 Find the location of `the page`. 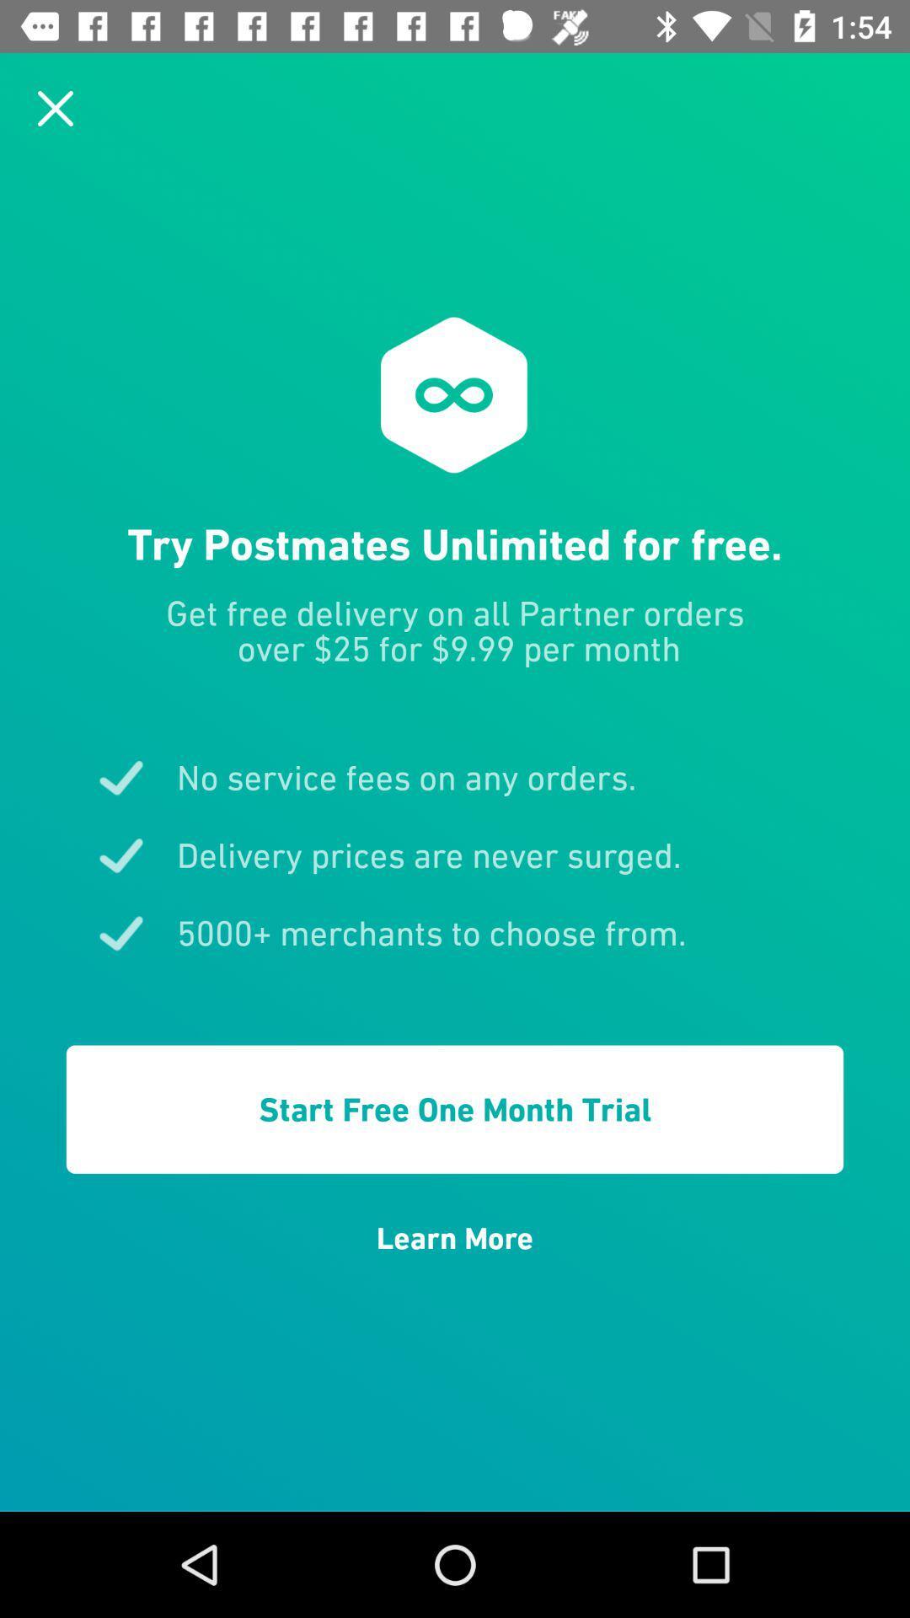

the page is located at coordinates (54, 107).